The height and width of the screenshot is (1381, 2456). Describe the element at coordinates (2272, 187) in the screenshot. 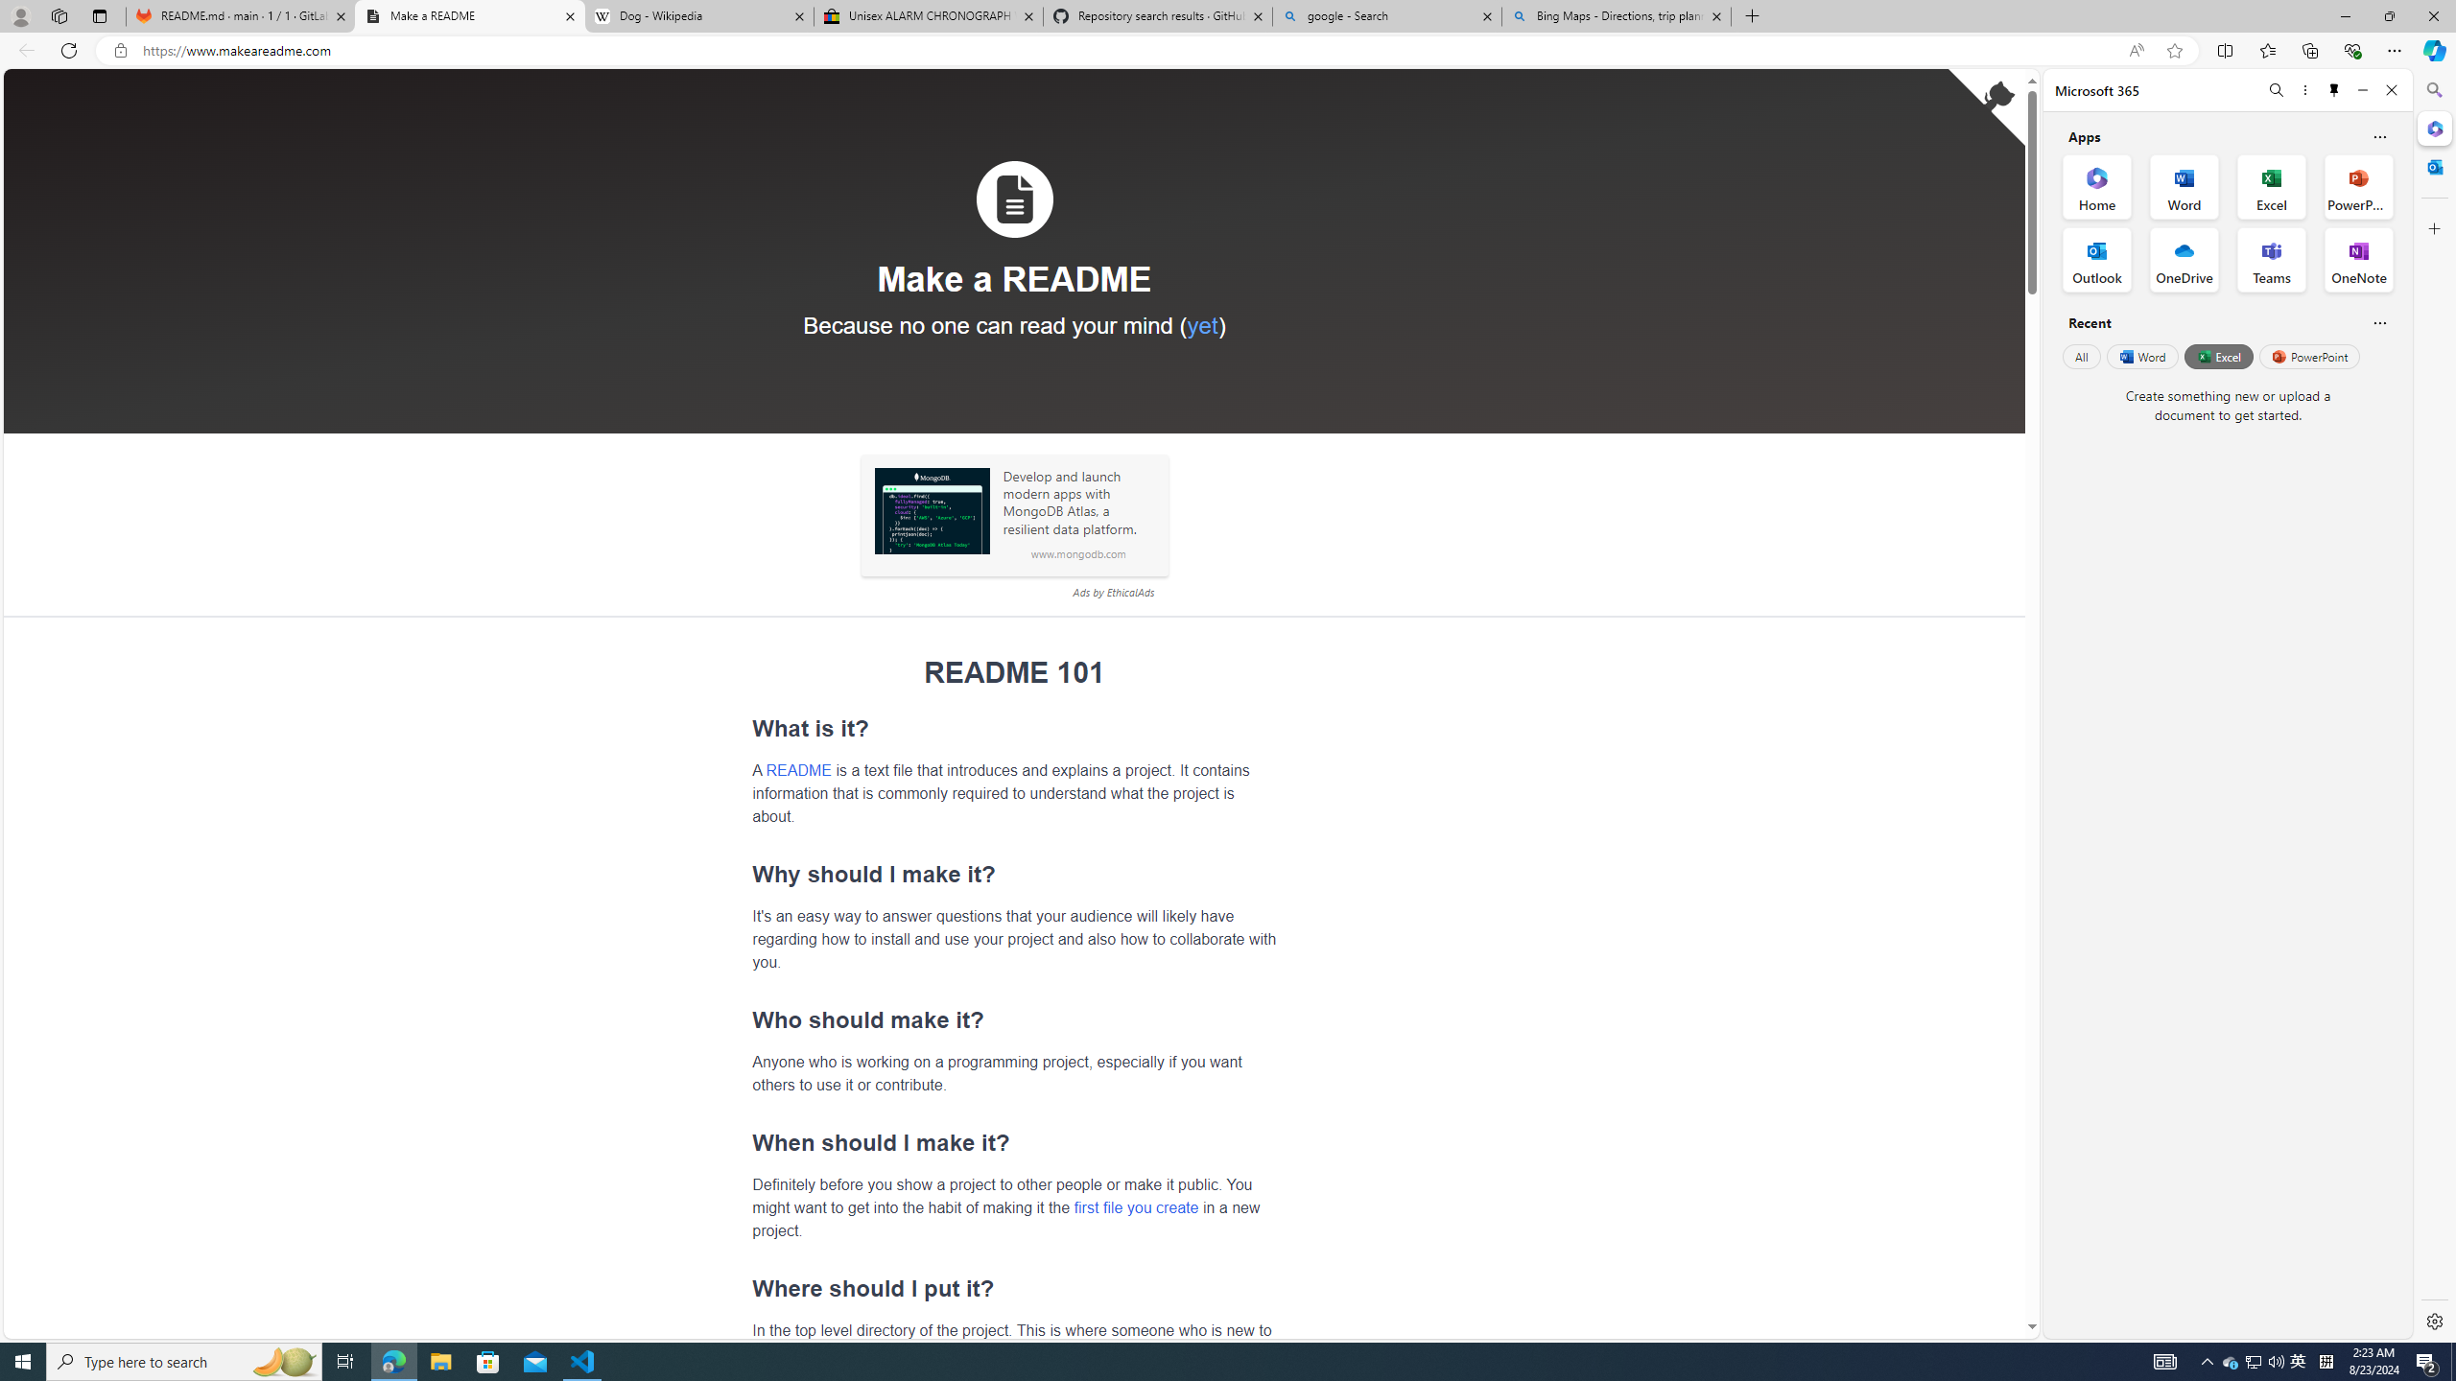

I see `'Excel Office App'` at that location.